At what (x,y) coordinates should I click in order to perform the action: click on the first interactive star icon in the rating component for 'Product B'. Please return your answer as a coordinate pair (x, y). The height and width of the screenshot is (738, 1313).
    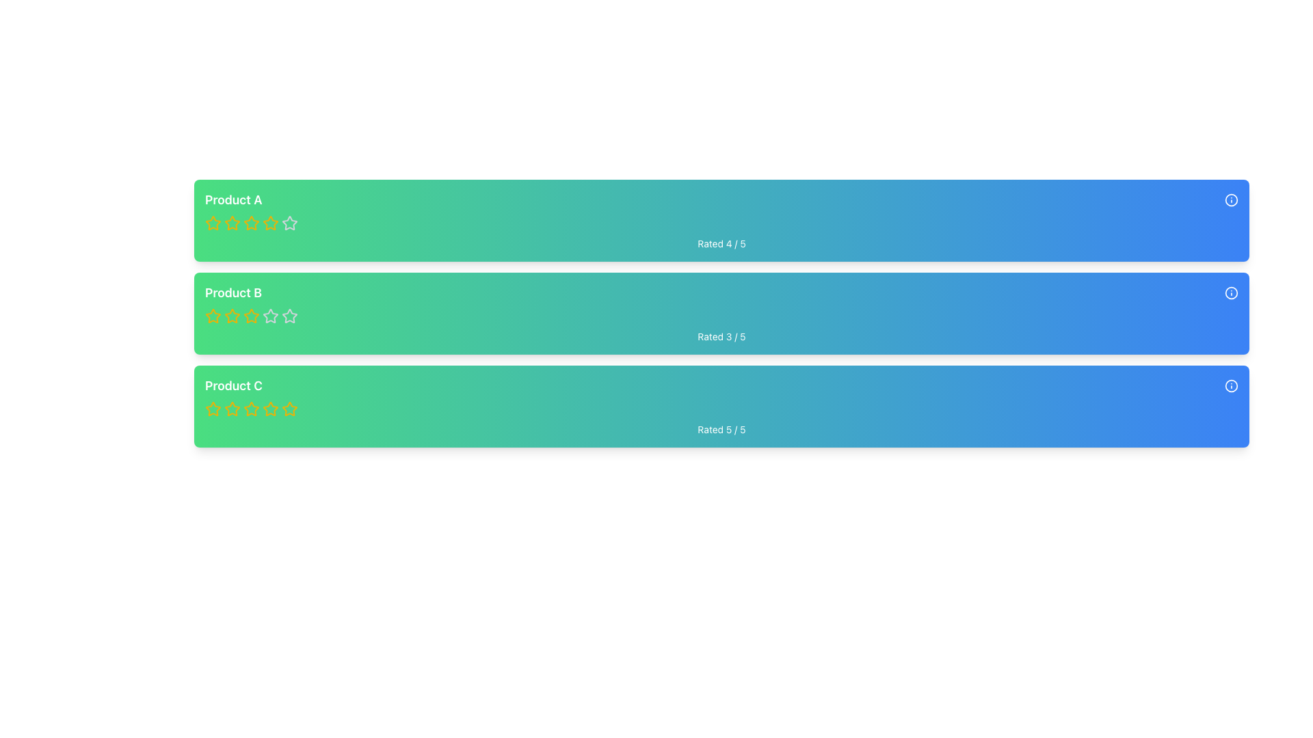
    Looking at the image, I should click on (233, 316).